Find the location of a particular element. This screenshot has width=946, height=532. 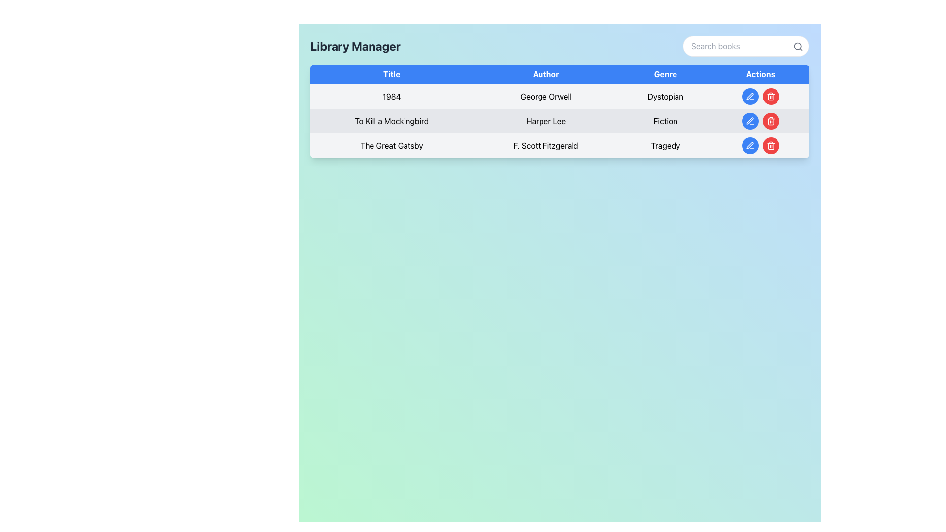

the delete button icon in the 'Actions' section of the row for 'The Great Gatsby' is located at coordinates (770, 146).